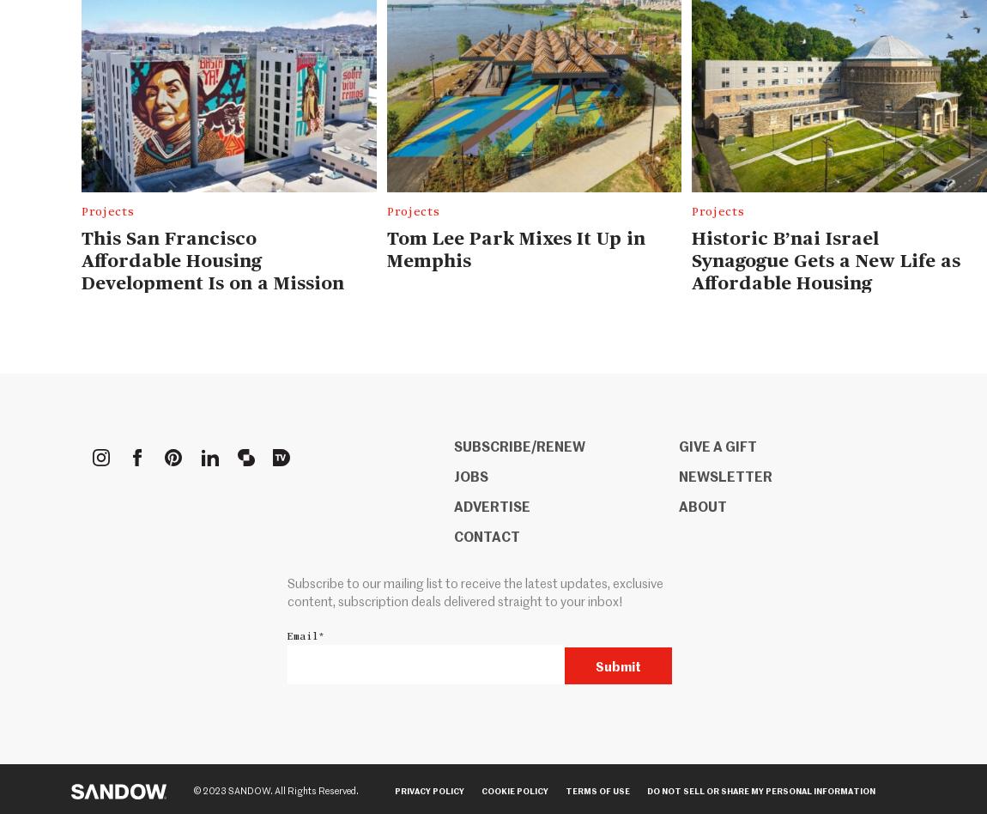 This screenshot has width=987, height=814. What do you see at coordinates (321, 635) in the screenshot?
I see `'*'` at bounding box center [321, 635].